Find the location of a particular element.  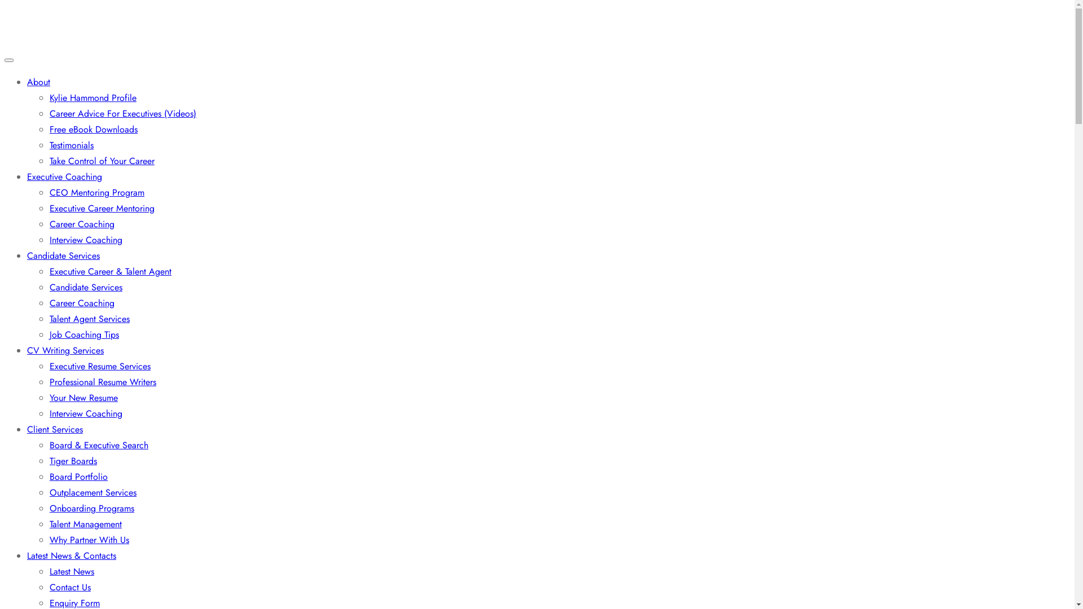

'Career Coaching' is located at coordinates (81, 302).